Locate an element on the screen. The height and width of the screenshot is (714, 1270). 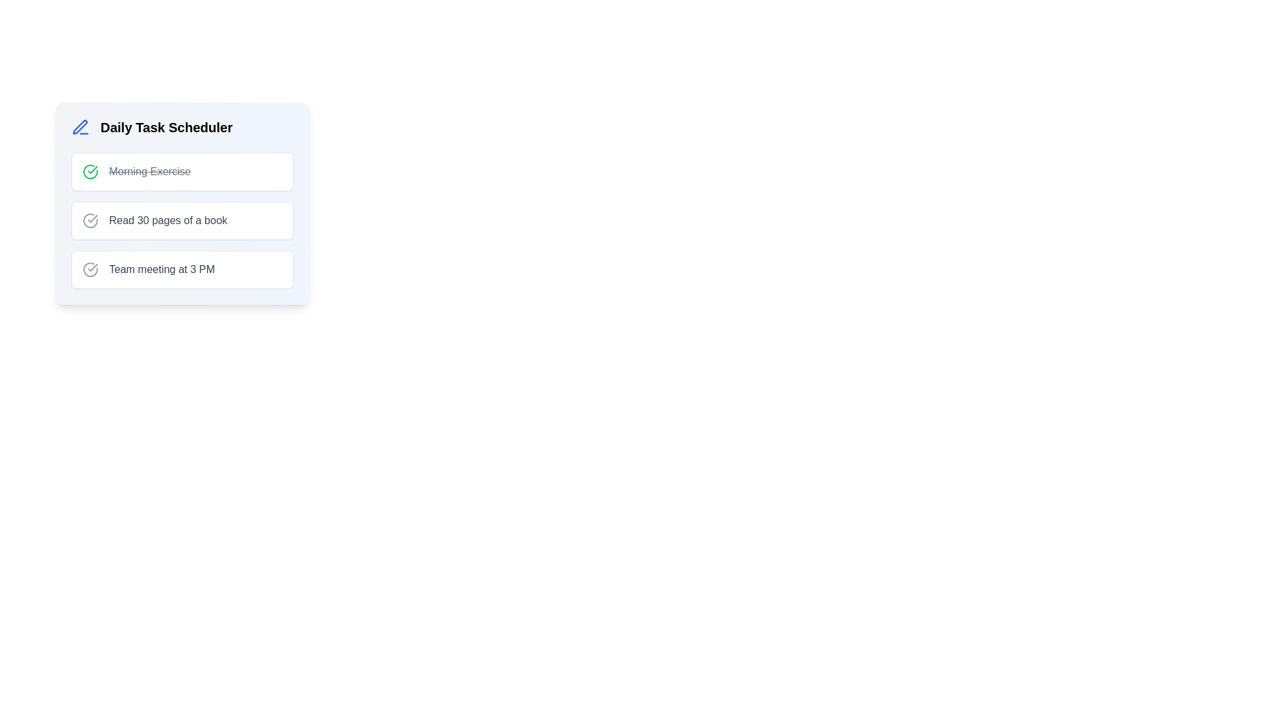
to select the task 'Read 30 pages of a book' in the Daily Task Scheduler, which is the second item in the list below 'Morning Exercise' and above 'Team meeting at 3 PM' is located at coordinates (181, 220).